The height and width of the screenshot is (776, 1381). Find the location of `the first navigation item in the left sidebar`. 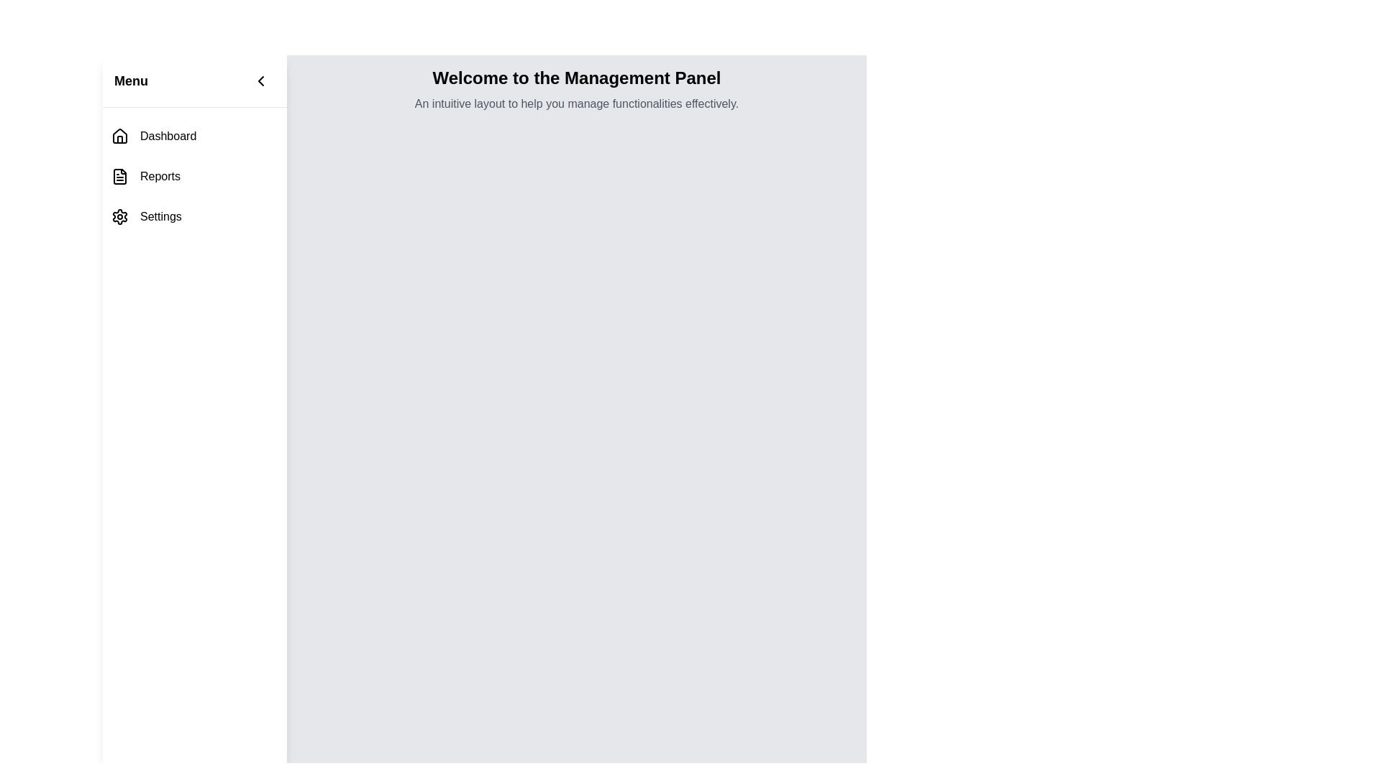

the first navigation item in the left sidebar is located at coordinates (193, 136).